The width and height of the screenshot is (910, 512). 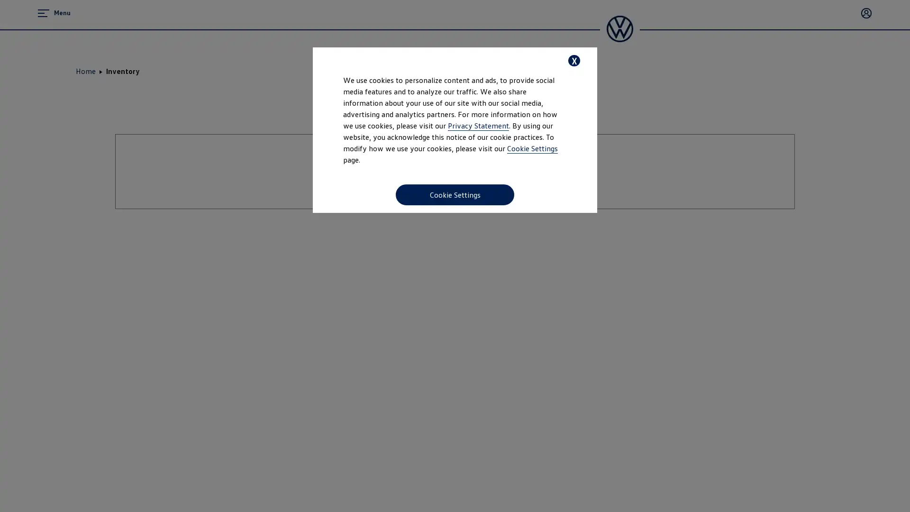 I want to click on Login, so click(x=866, y=13).